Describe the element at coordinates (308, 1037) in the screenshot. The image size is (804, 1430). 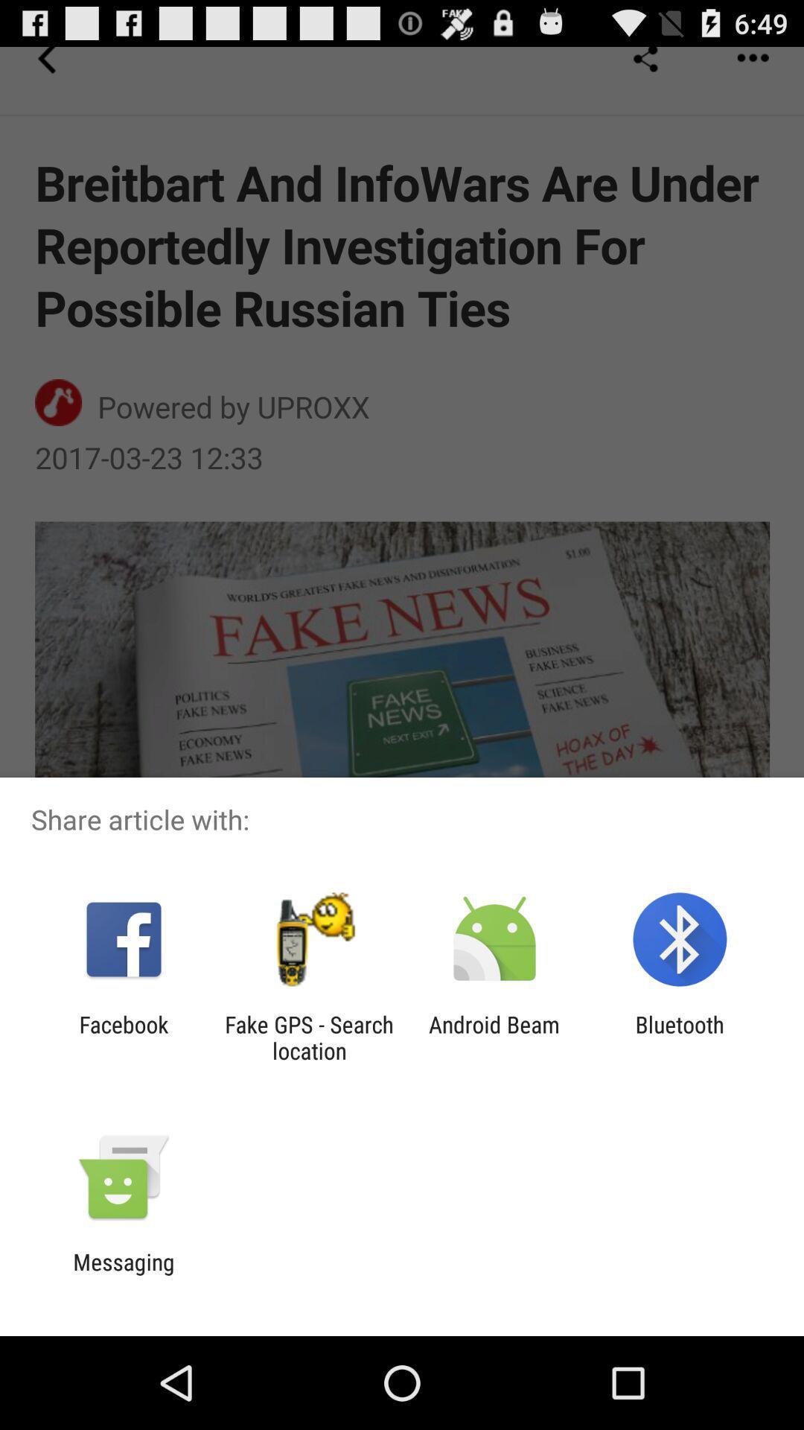
I see `item to the left of android beam icon` at that location.